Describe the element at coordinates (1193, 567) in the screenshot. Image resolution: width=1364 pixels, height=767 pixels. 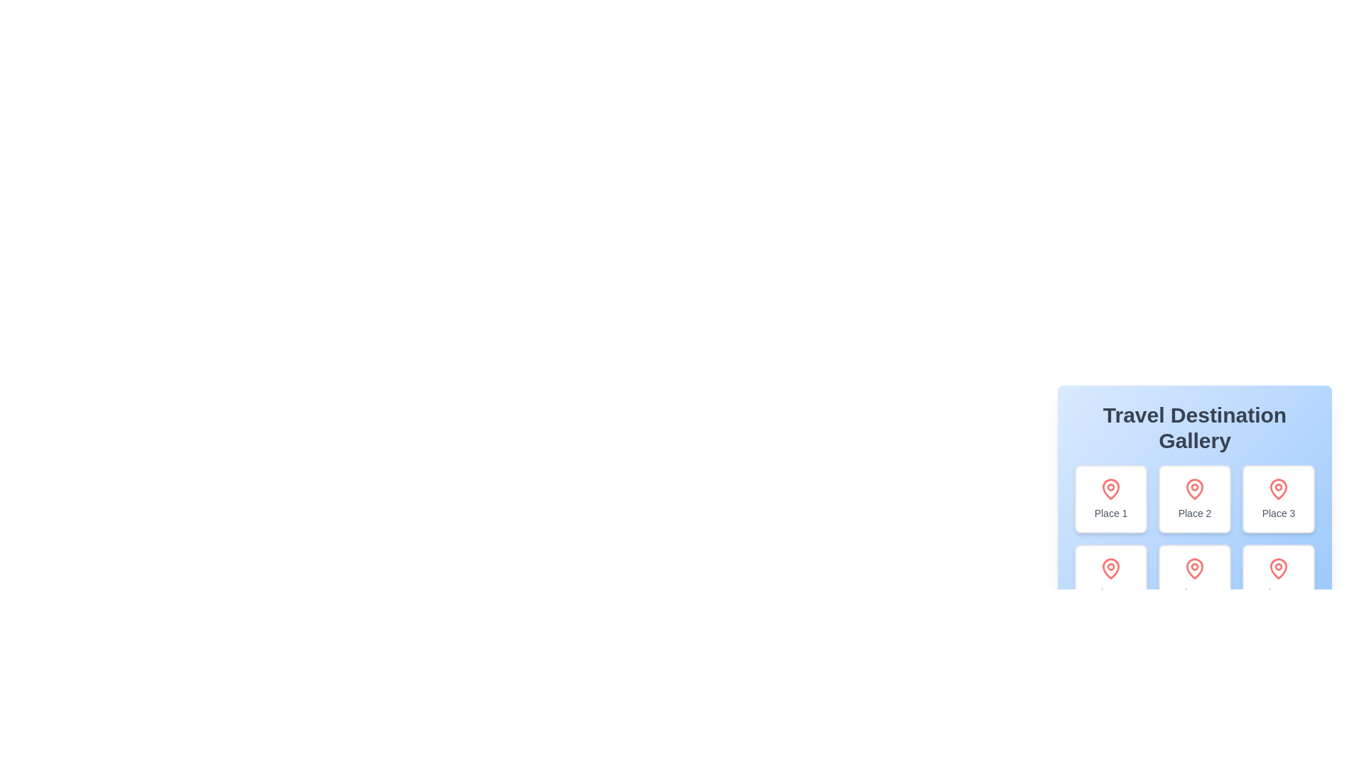
I see `the map pin icon located in the central position of the second row under the 'Travel Destination Gallery' section` at that location.